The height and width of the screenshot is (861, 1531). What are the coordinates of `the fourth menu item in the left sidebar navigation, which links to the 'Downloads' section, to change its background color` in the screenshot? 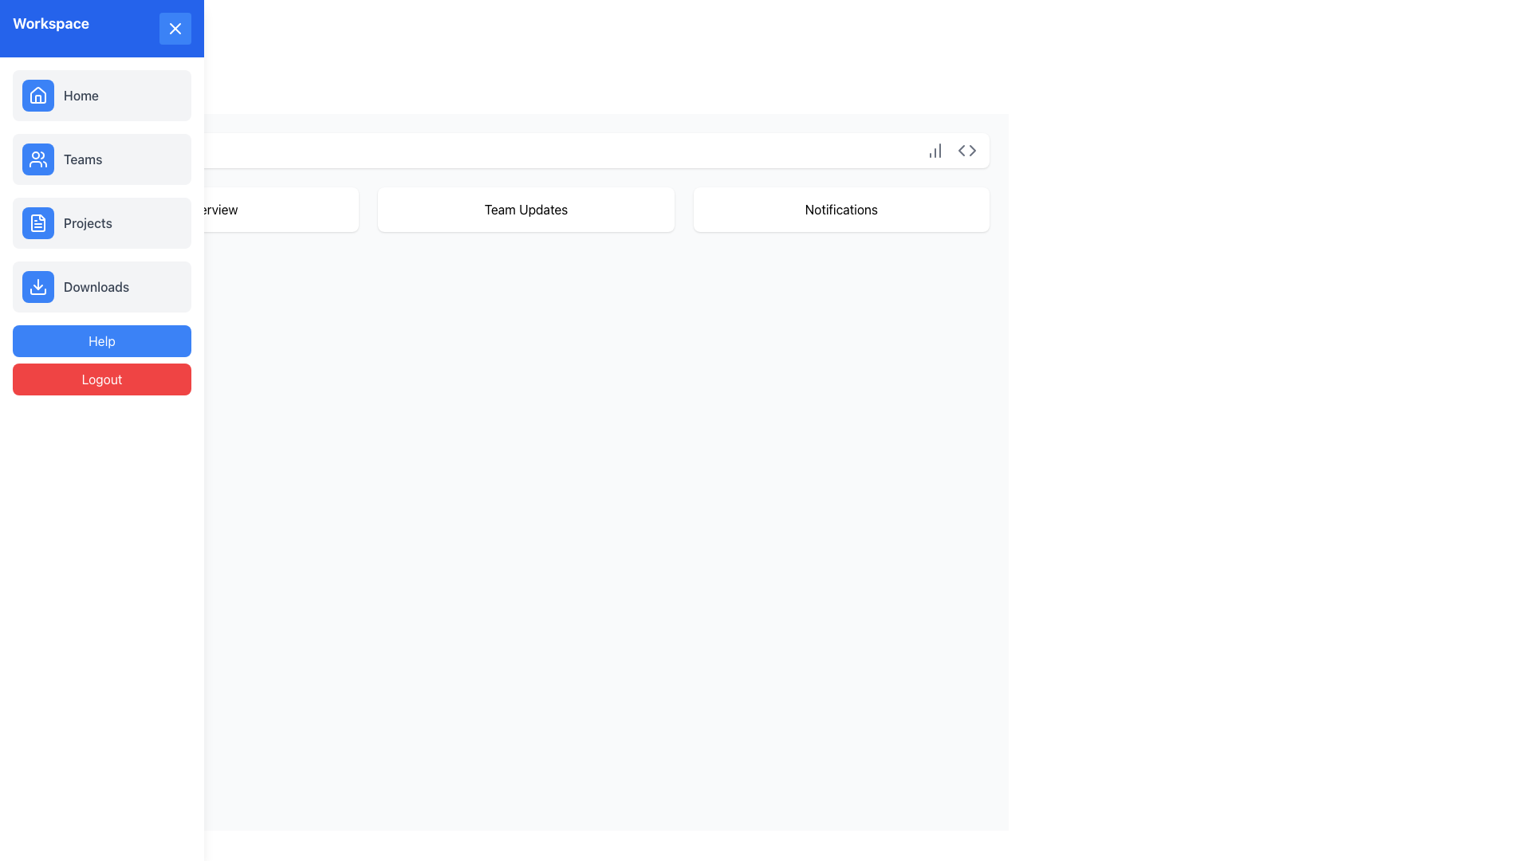 It's located at (101, 285).